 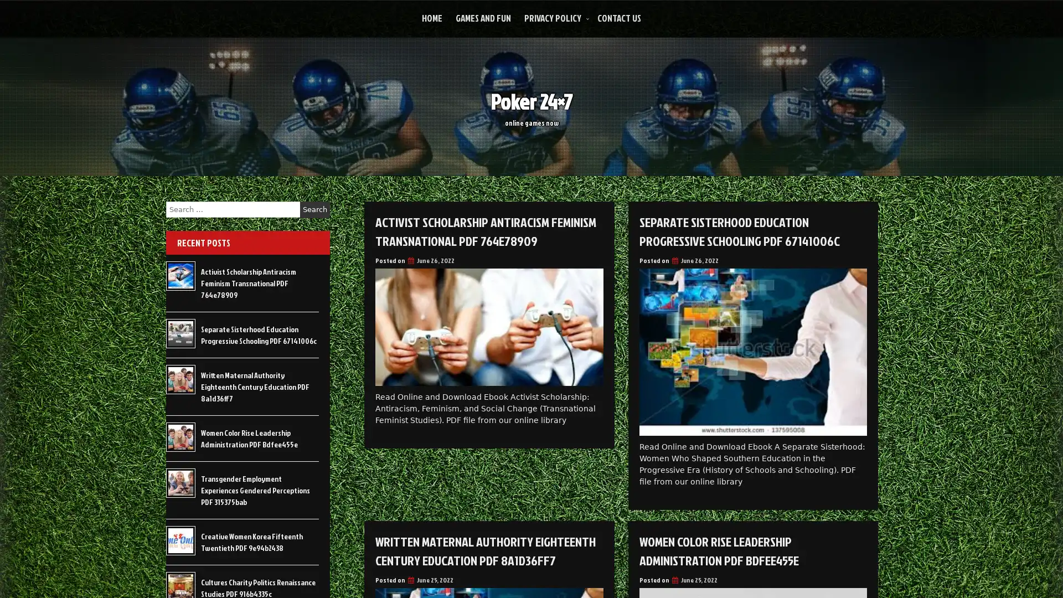 What do you see at coordinates (314, 209) in the screenshot?
I see `Search` at bounding box center [314, 209].